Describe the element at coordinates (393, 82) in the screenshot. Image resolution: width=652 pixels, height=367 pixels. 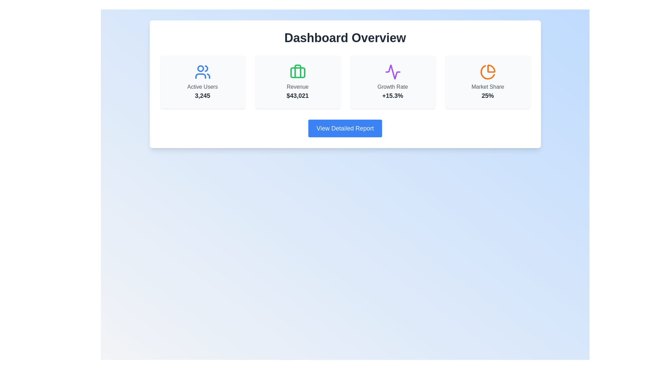
I see `the Information card that displays the growth rate metric, which is the third card in a grid layout, positioned between the Revenue card and the Market Share card` at that location.